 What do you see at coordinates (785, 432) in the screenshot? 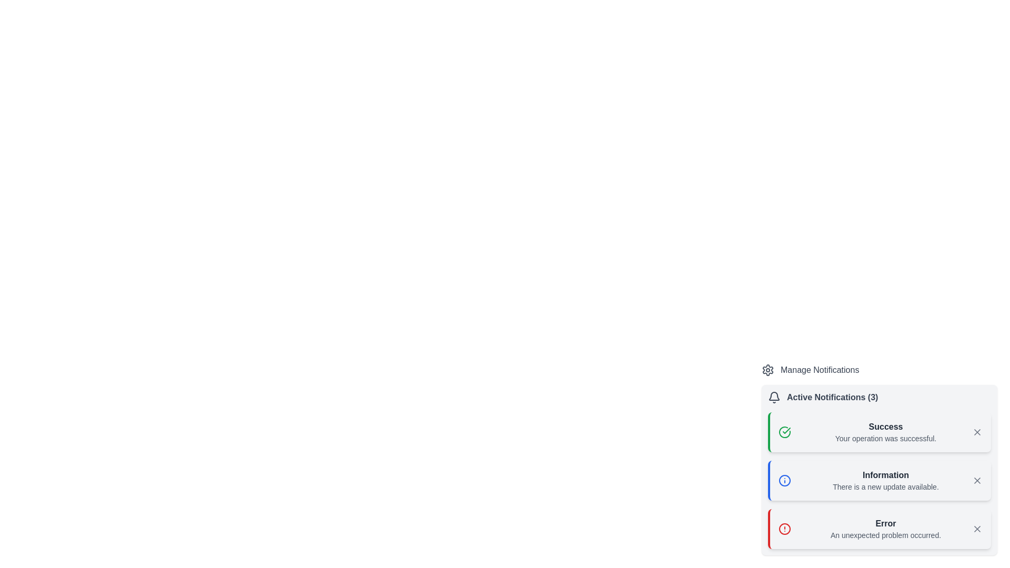
I see `the green circular icon with a check mark located to the left of the 'Success' message in the notification section` at bounding box center [785, 432].